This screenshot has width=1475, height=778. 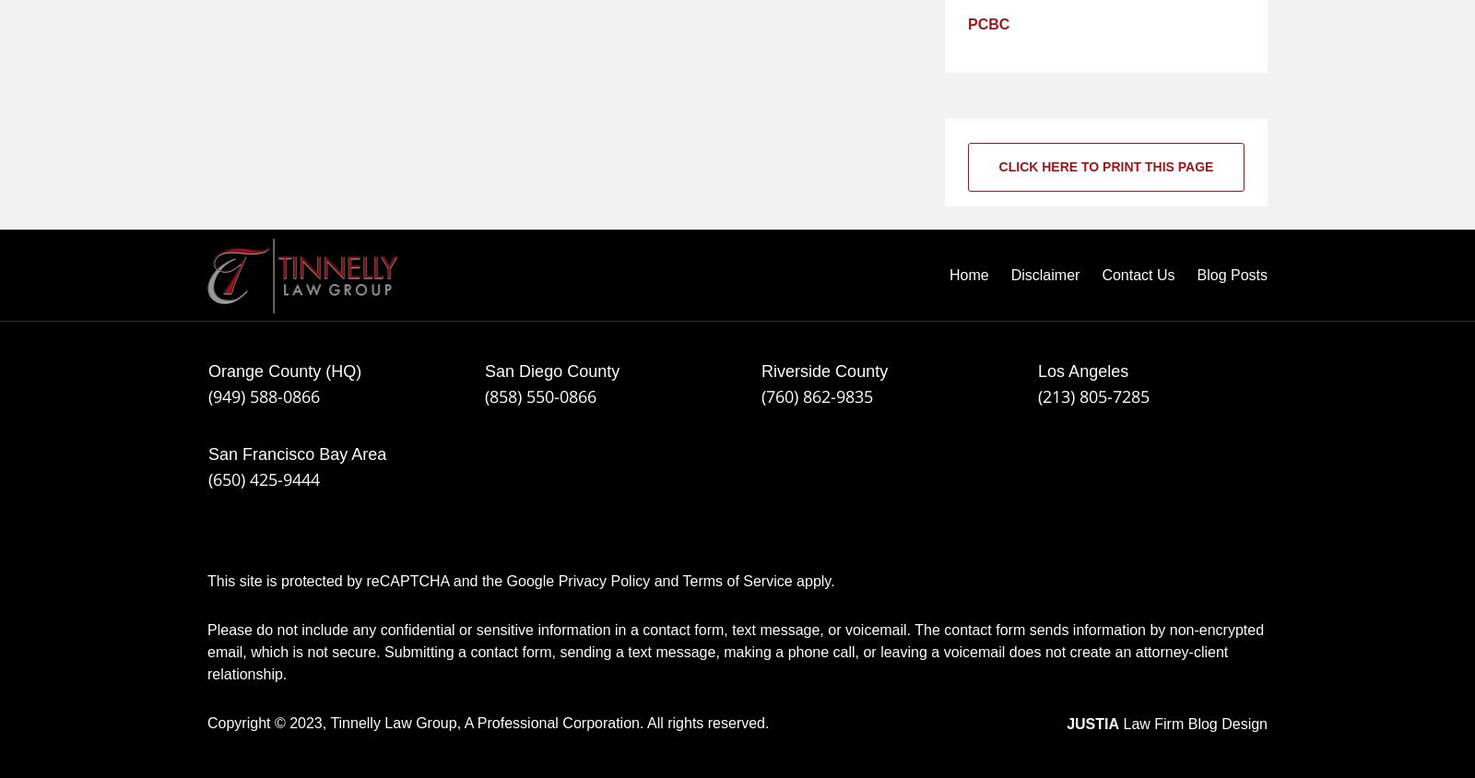 I want to click on 'Orange County (HQ)', so click(x=284, y=371).